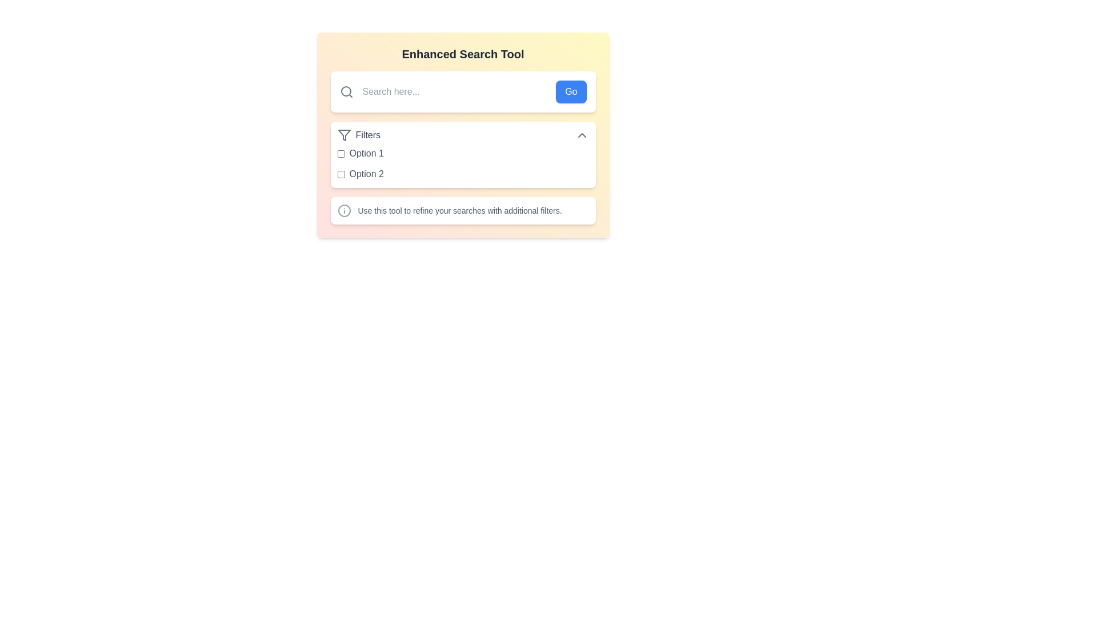  Describe the element at coordinates (368, 134) in the screenshot. I see `text label that indicates the purpose of the associated filter options, located in the upper section of the settings panel, to the right of the filter icon` at that location.